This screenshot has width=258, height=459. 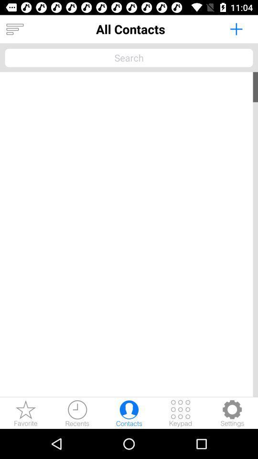 What do you see at coordinates (232, 413) in the screenshot?
I see `adjust the settings` at bounding box center [232, 413].